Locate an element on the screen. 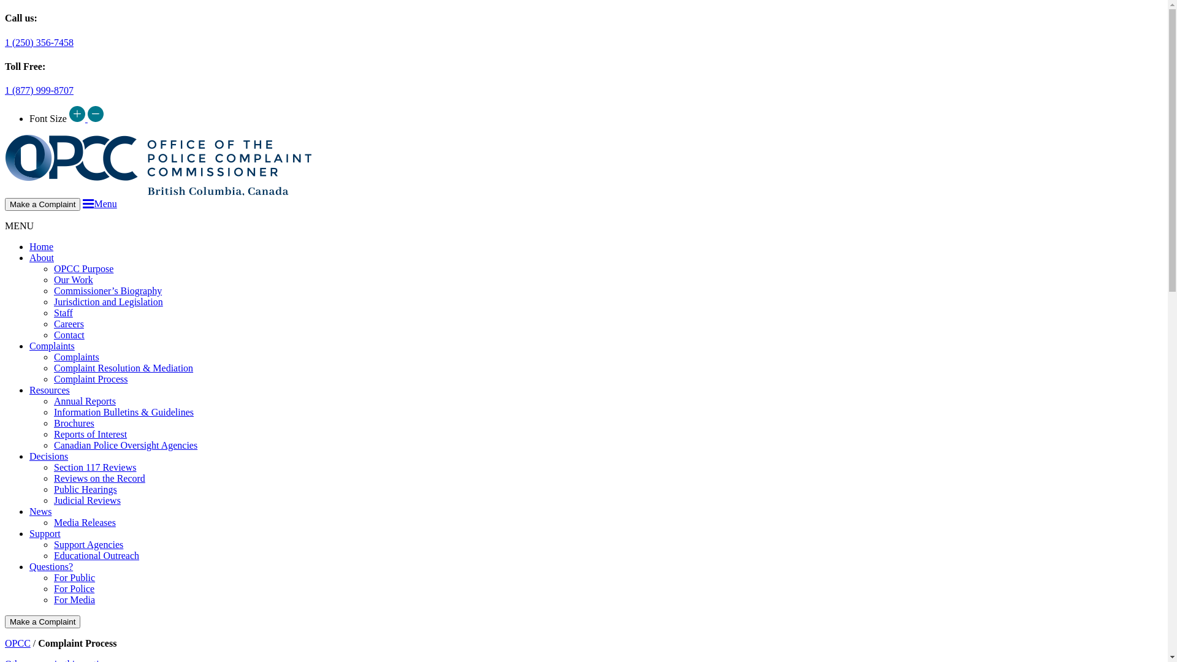 The width and height of the screenshot is (1177, 662). 'Information Bulletins & Guidelines' is located at coordinates (123, 412).